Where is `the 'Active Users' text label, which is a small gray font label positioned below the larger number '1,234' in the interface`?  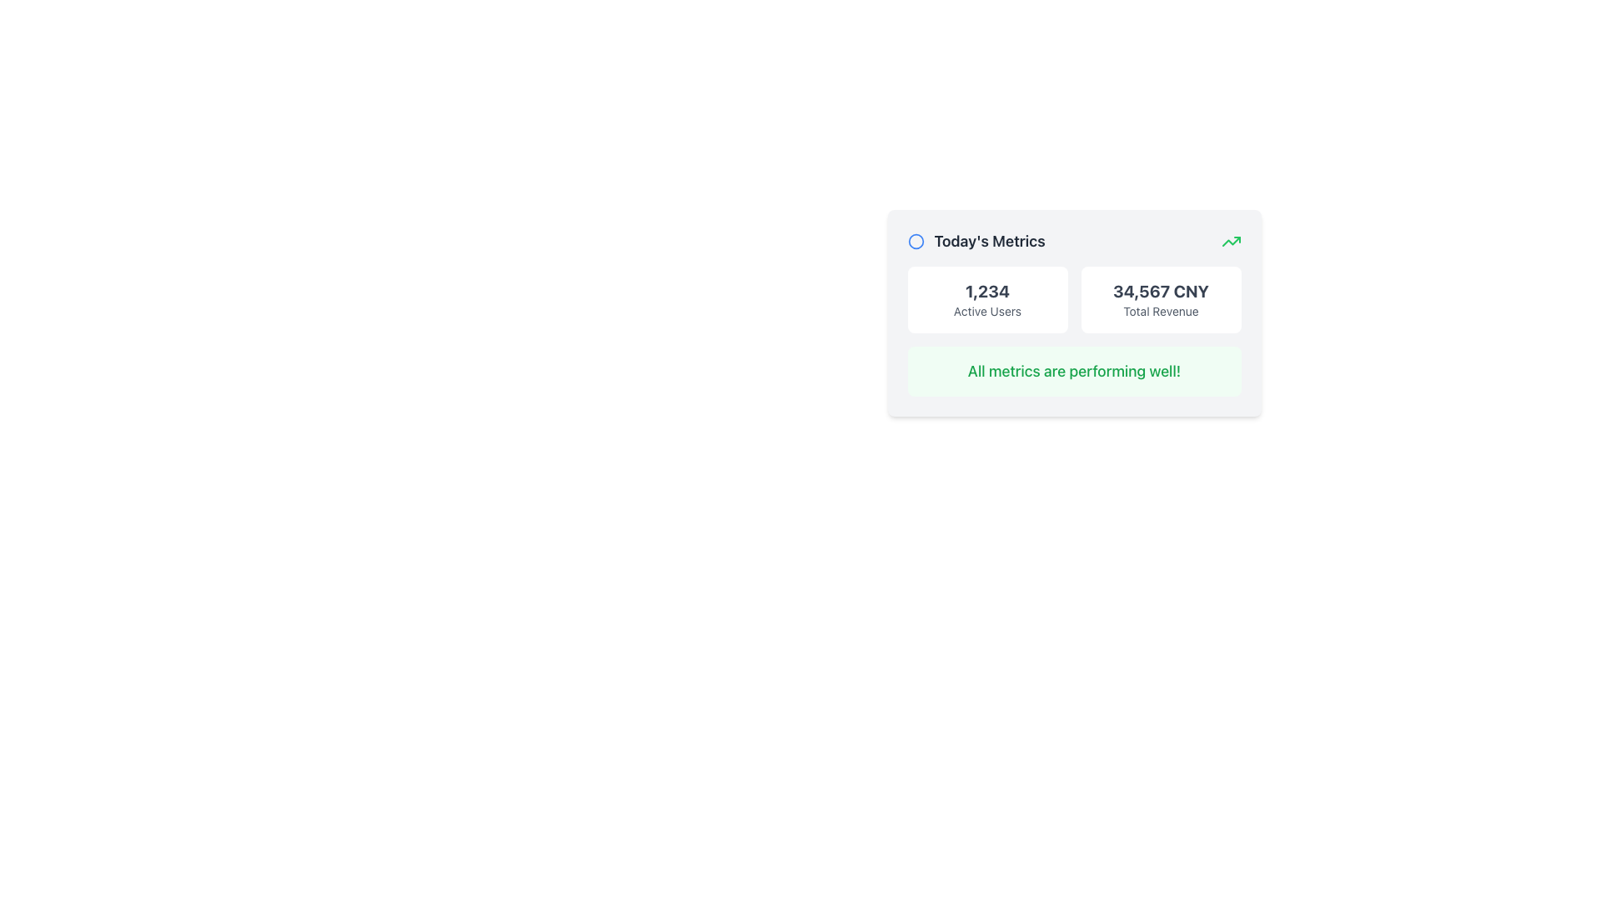
the 'Active Users' text label, which is a small gray font label positioned below the larger number '1,234' in the interface is located at coordinates (987, 312).